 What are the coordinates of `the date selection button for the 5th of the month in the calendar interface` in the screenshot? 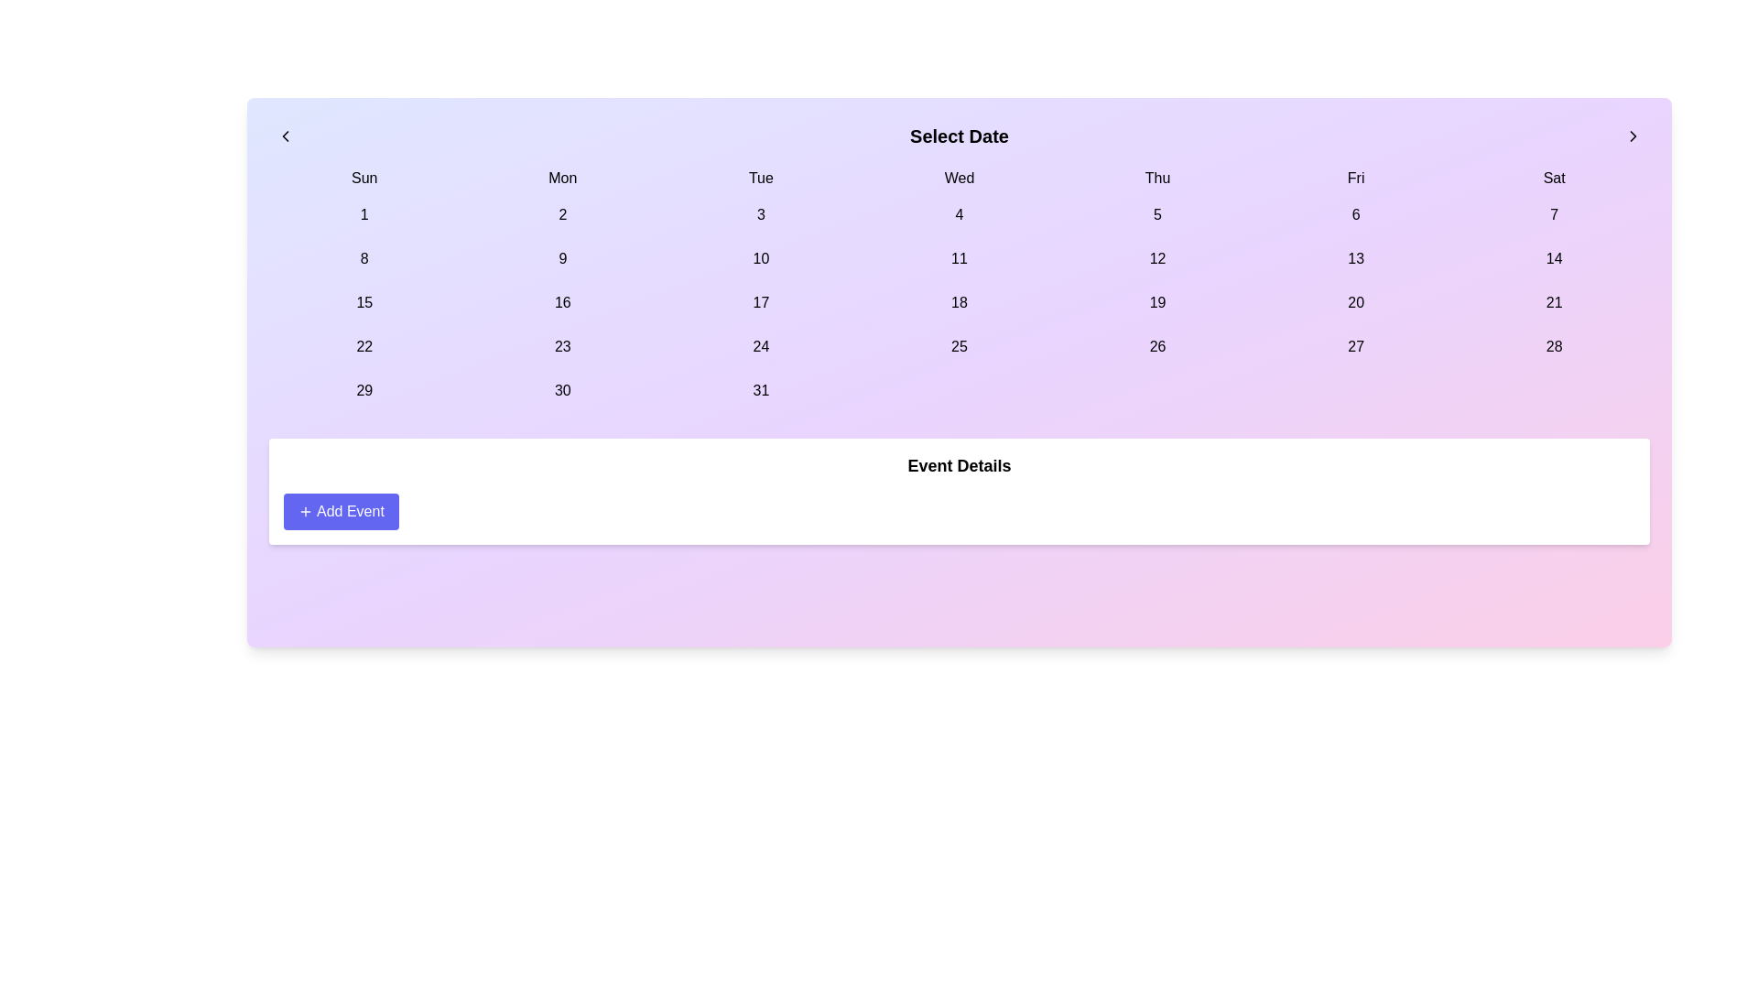 It's located at (1156, 214).